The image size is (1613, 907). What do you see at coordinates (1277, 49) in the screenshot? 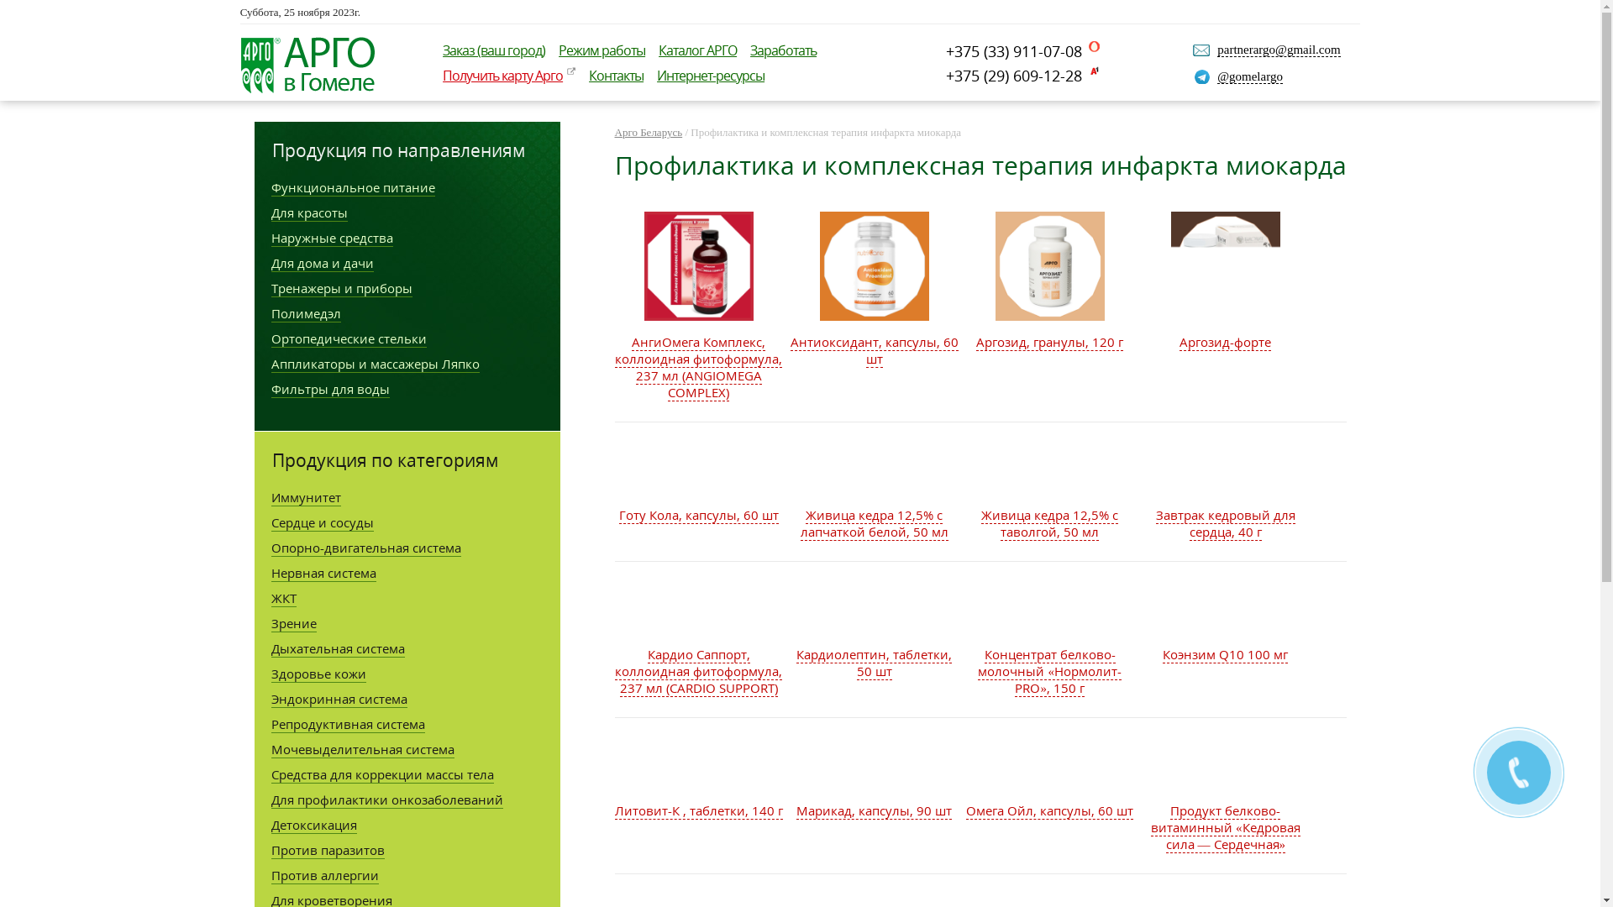
I see `'partnerargo@gmail.com'` at bounding box center [1277, 49].